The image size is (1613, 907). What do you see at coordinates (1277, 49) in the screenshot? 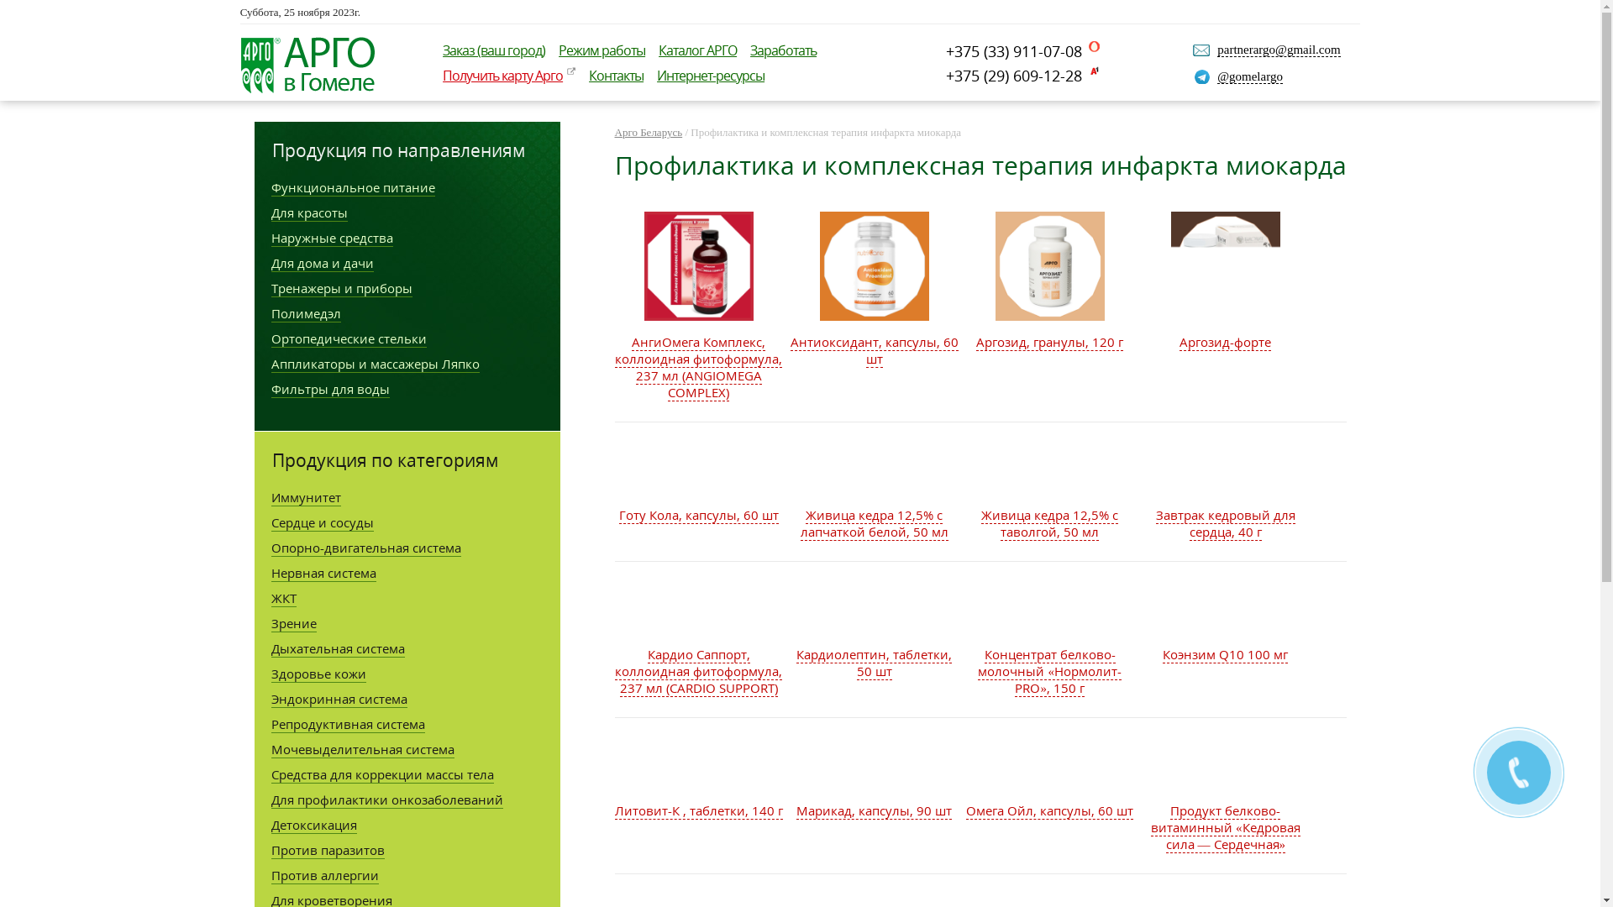
I see `'partnerargo@gmail.com'` at bounding box center [1277, 49].